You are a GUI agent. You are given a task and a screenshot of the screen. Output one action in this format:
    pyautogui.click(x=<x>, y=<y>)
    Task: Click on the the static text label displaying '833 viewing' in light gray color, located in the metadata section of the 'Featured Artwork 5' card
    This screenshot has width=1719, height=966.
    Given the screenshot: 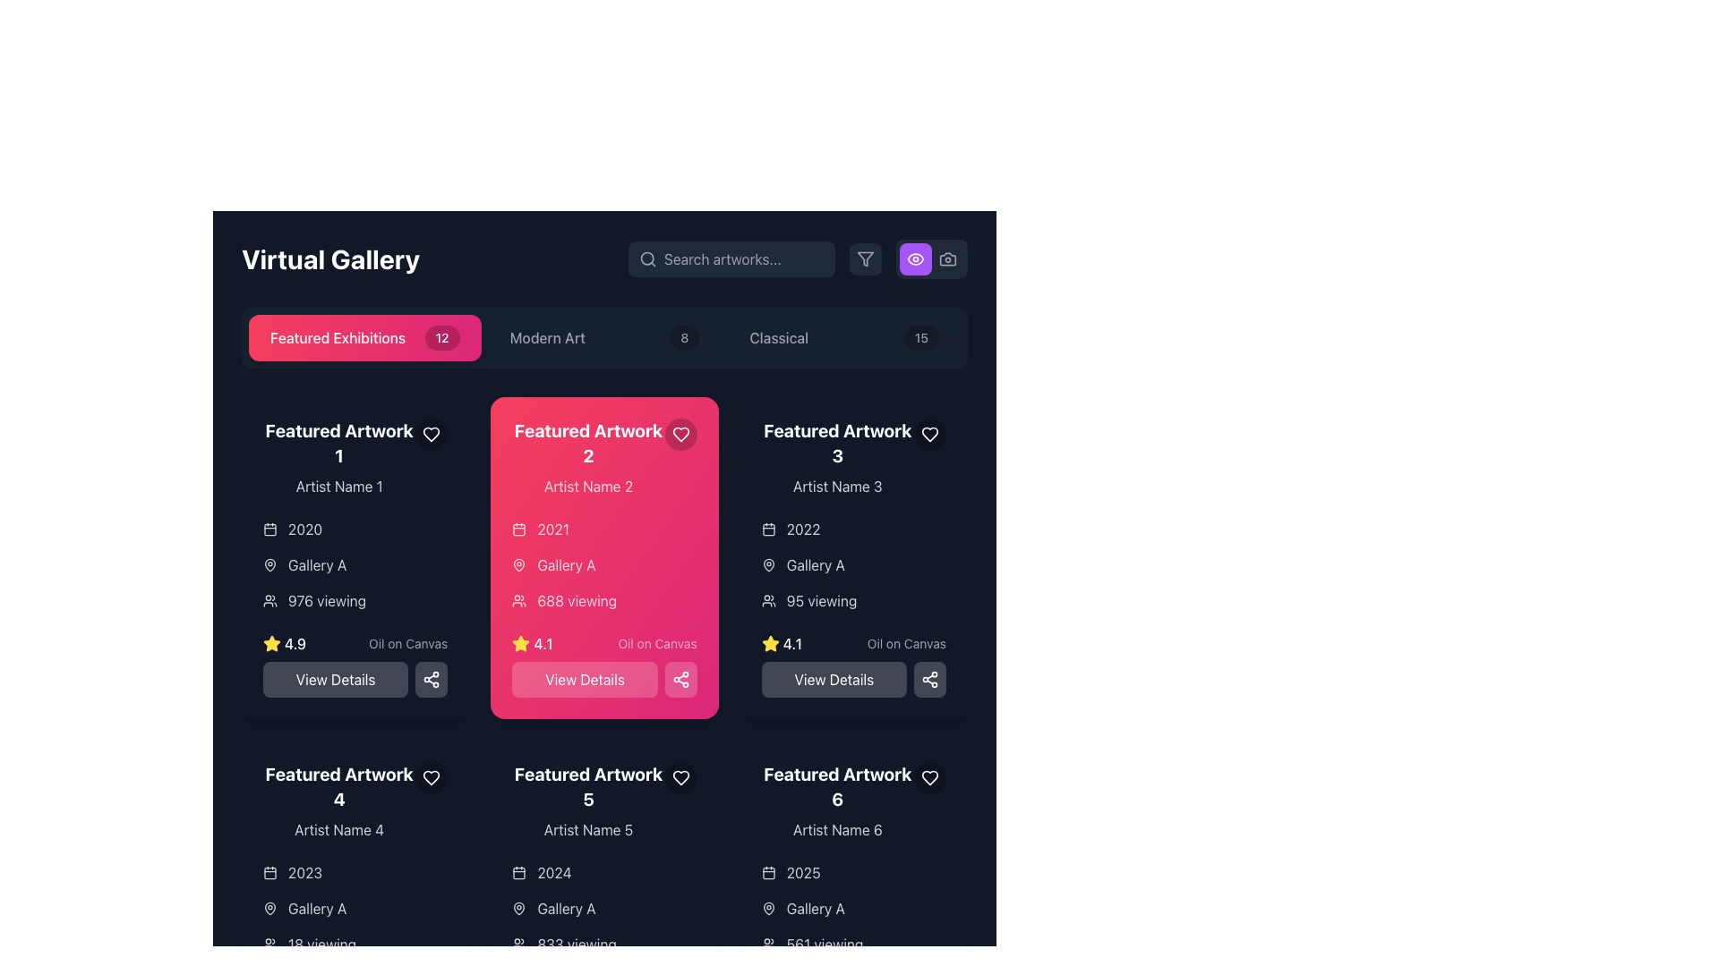 What is the action you would take?
    pyautogui.click(x=577, y=944)
    